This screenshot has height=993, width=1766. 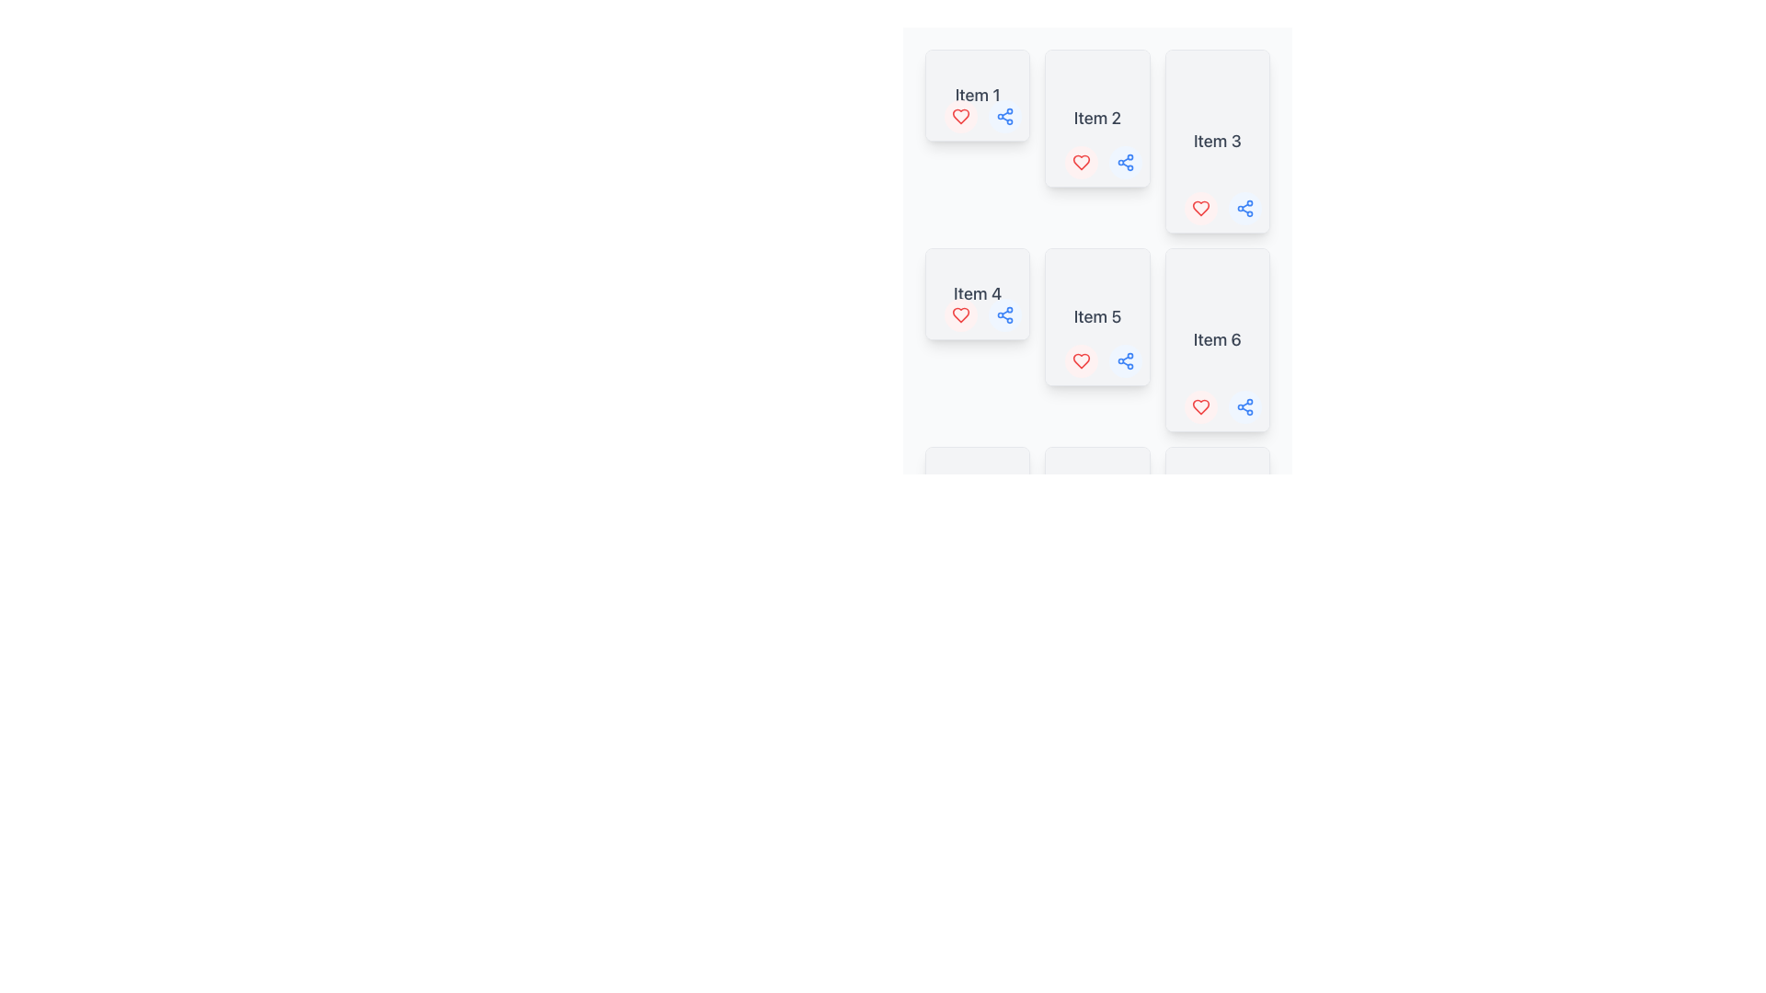 I want to click on the heart-shaped button icon with a red border located at the bottom right corner of 'Item 6', so click(x=1200, y=406).